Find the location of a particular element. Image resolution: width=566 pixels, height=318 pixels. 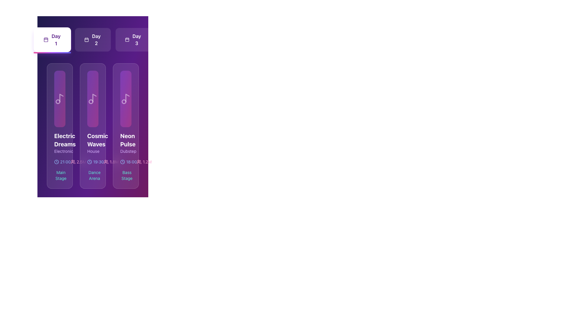

grouped informational component resembling a button, which features a purple calendar icon and bold text 'Day 1' is located at coordinates (52, 40).